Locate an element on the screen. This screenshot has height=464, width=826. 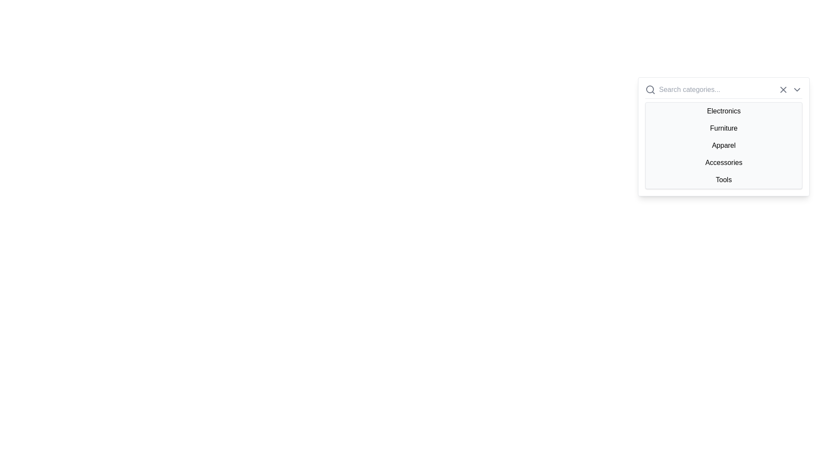
the 'Electronics' menu item, which is the first selectable option in the dropdown menu is located at coordinates (723, 110).